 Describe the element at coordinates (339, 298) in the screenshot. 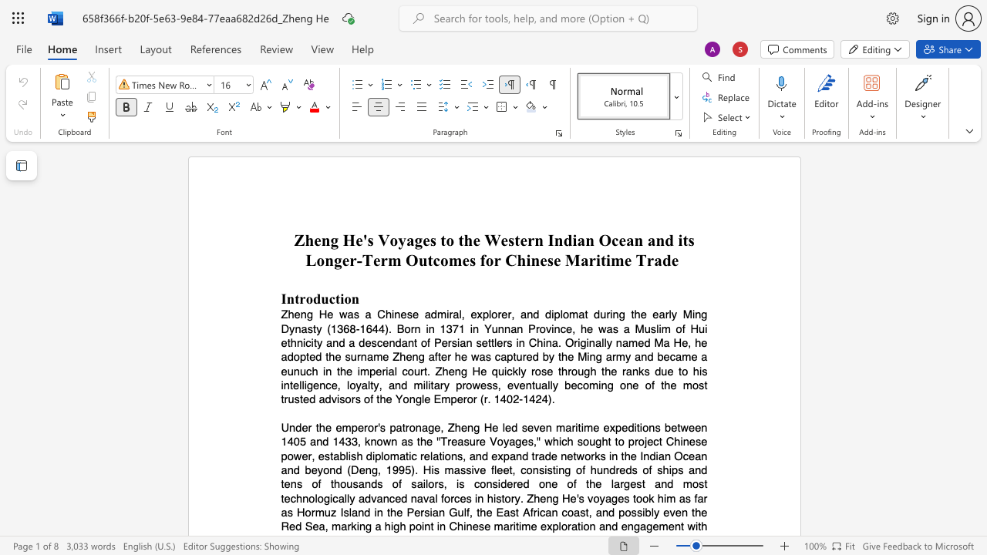

I see `the subset text "ion" within the text "Introduction"` at that location.